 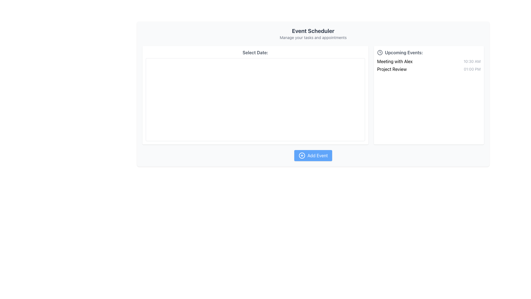 I want to click on the static text label displaying '01:00 PM', which is located in the 'Upcoming Events' section, directly to the right of 'Project Review', so click(x=472, y=69).